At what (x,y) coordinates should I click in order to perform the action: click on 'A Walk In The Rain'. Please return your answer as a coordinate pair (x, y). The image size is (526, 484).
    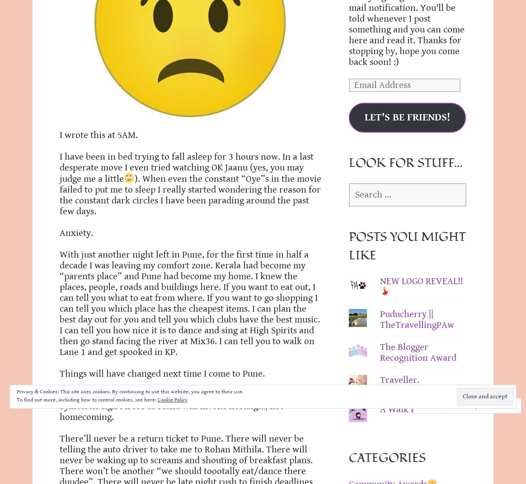
    Looking at the image, I should click on (379, 409).